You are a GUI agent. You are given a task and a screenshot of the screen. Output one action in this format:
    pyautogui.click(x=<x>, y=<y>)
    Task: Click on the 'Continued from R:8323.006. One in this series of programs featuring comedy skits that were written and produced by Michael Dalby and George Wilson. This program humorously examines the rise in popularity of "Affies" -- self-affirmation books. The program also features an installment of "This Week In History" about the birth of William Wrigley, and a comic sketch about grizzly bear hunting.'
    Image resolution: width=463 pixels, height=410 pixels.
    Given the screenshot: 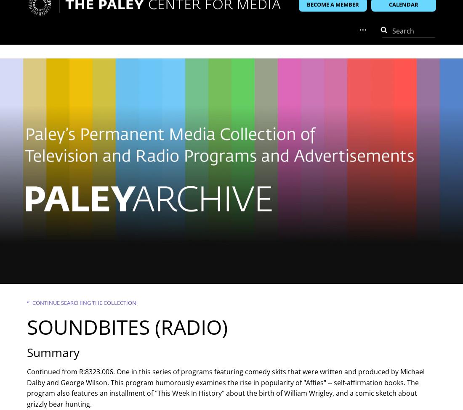 What is the action you would take?
    pyautogui.click(x=226, y=387)
    